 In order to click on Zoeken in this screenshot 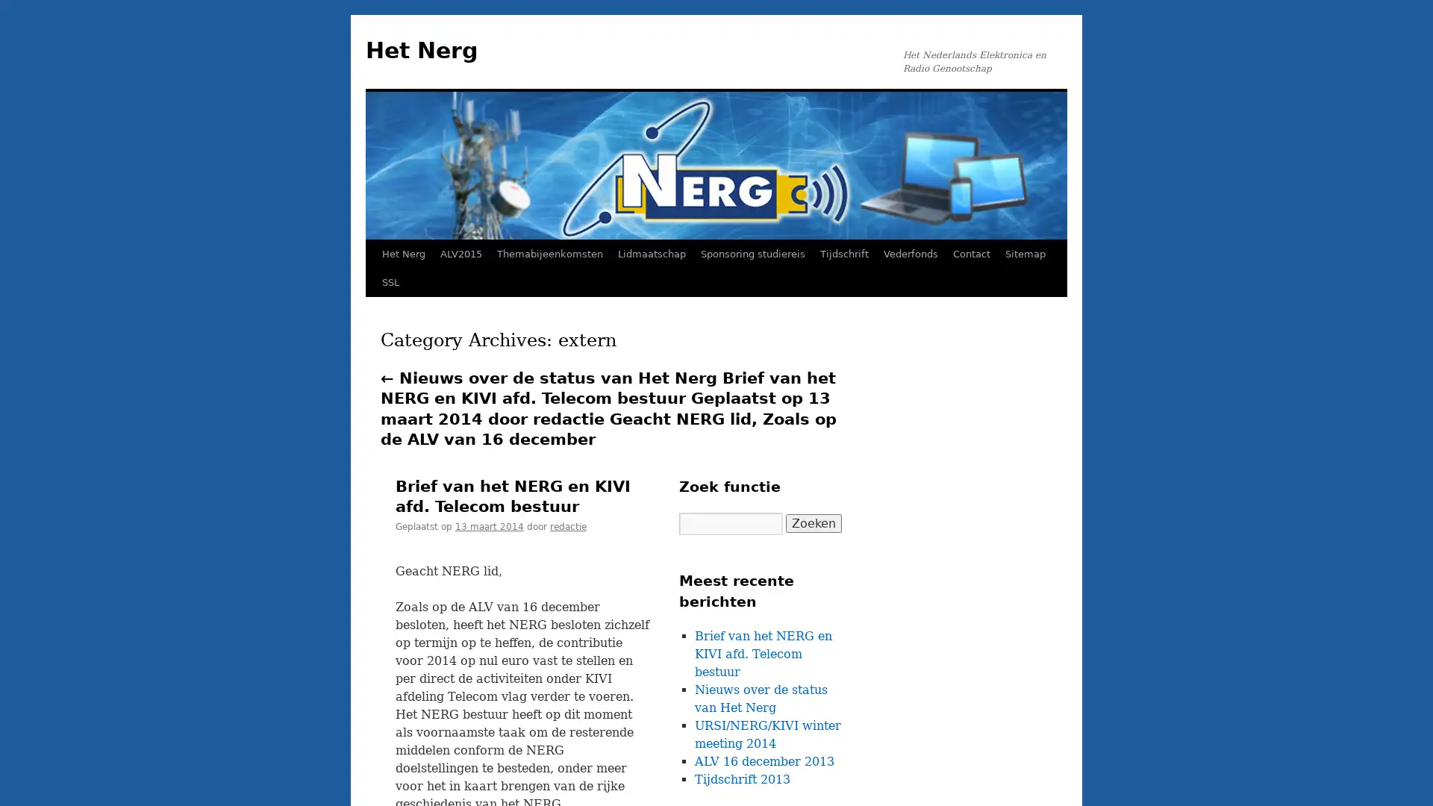, I will do `click(813, 522)`.